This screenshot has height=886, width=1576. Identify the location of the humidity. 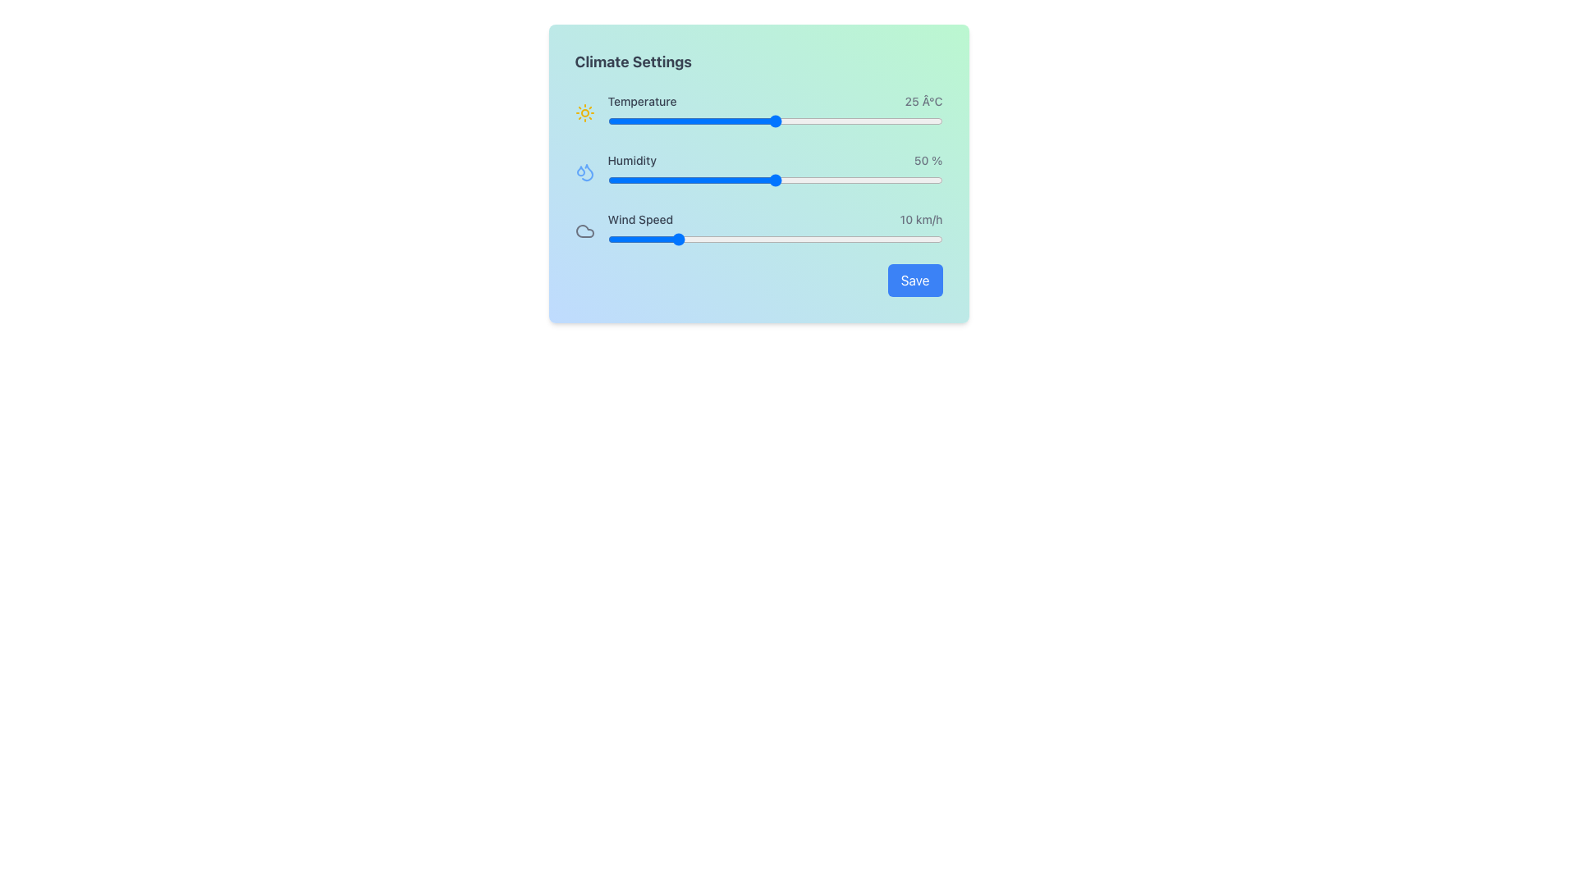
(845, 180).